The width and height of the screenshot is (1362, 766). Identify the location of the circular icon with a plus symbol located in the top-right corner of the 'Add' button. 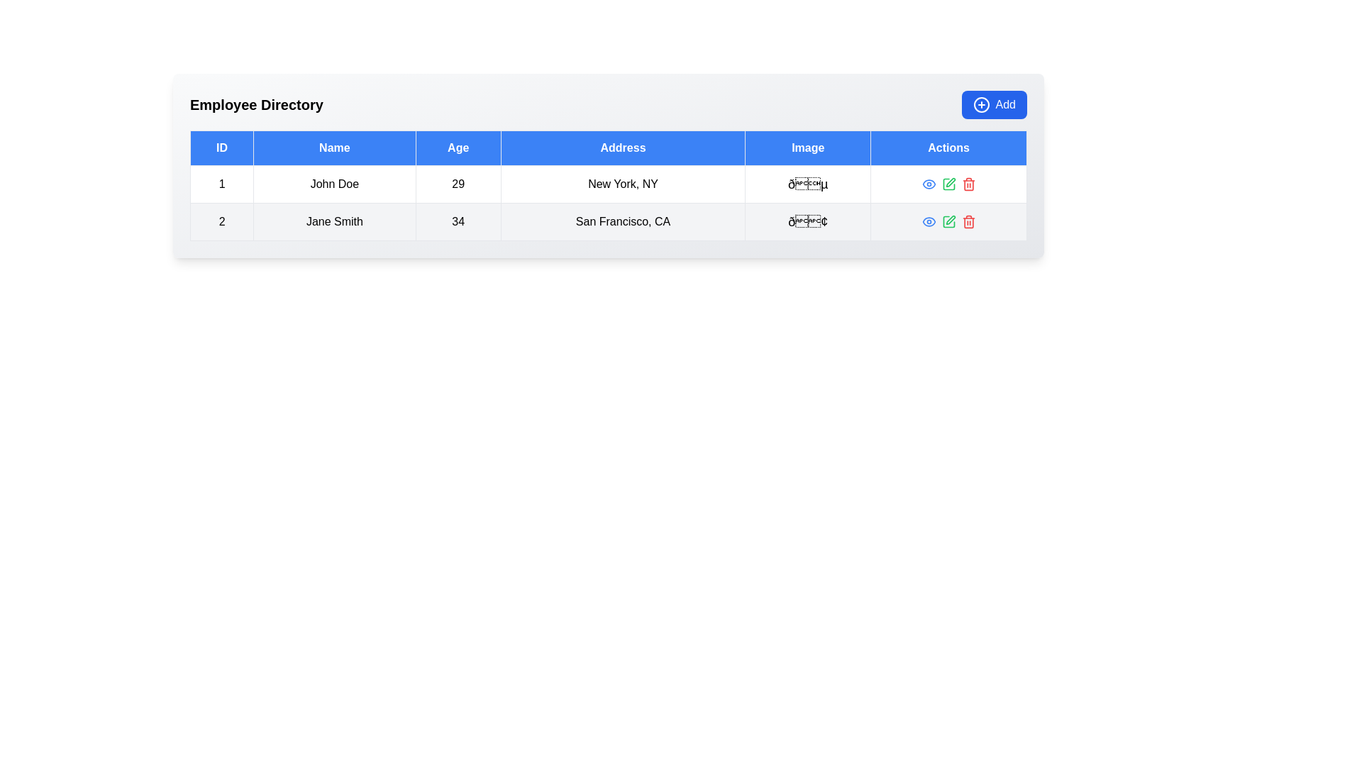
(980, 104).